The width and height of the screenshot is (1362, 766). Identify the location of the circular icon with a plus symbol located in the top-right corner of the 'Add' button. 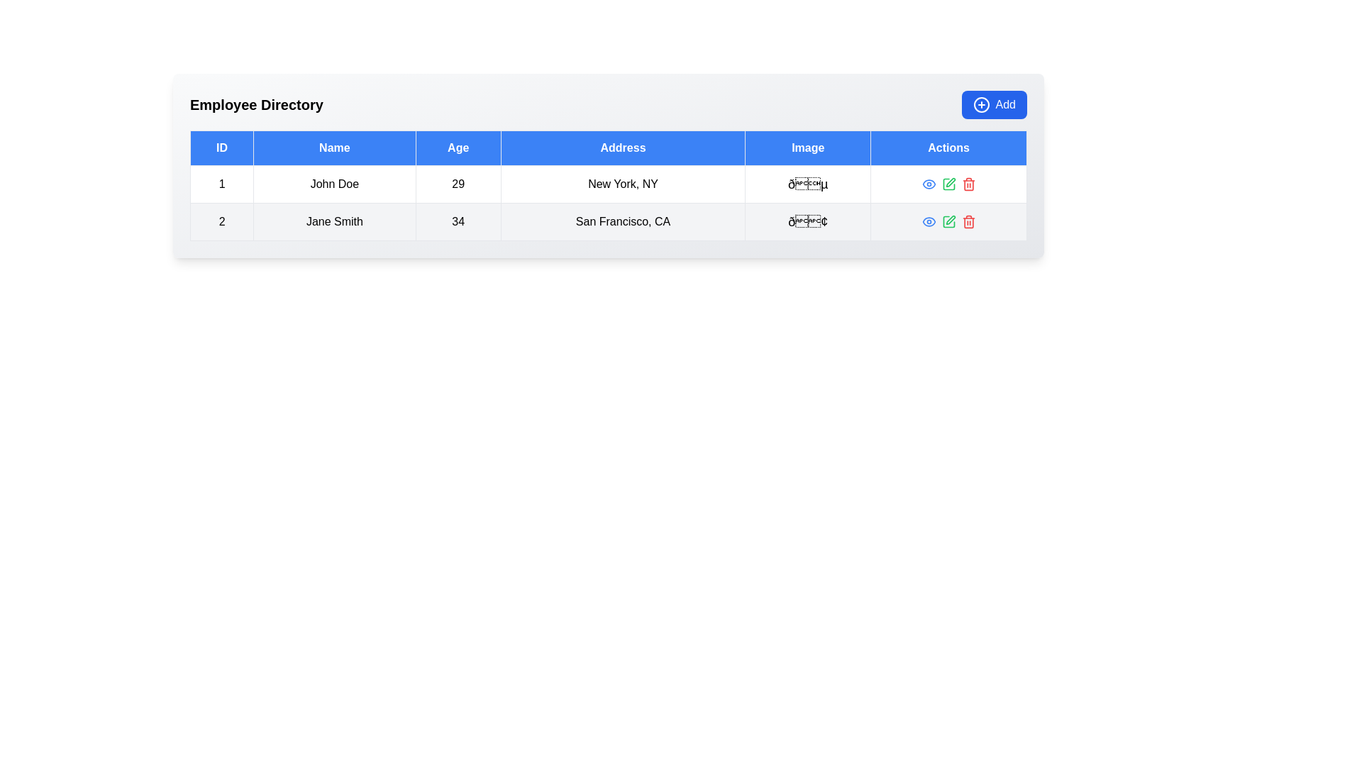
(980, 104).